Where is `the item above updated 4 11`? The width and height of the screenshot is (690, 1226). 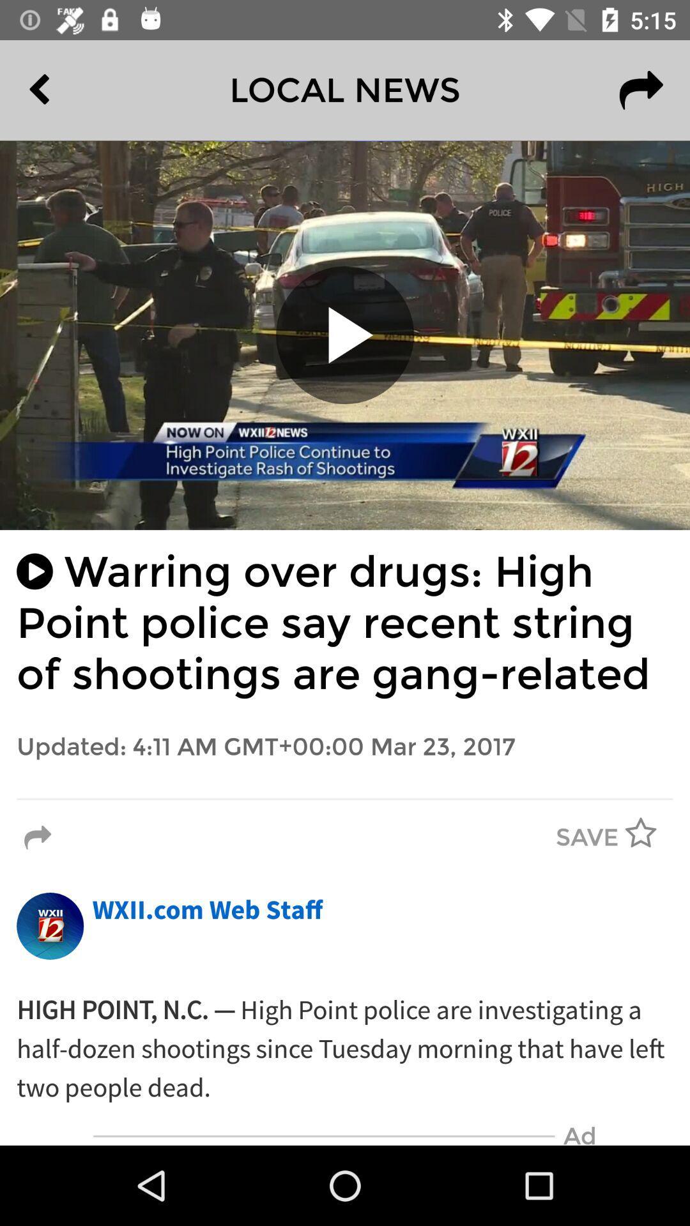
the item above updated 4 11 is located at coordinates (345, 623).